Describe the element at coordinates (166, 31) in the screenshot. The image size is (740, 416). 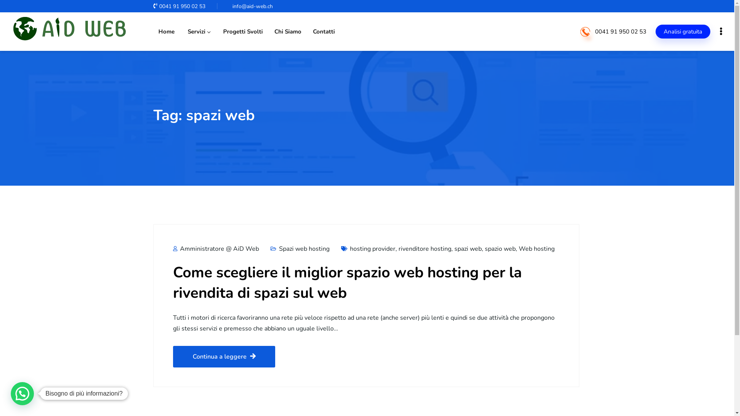
I see `'Home'` at that location.